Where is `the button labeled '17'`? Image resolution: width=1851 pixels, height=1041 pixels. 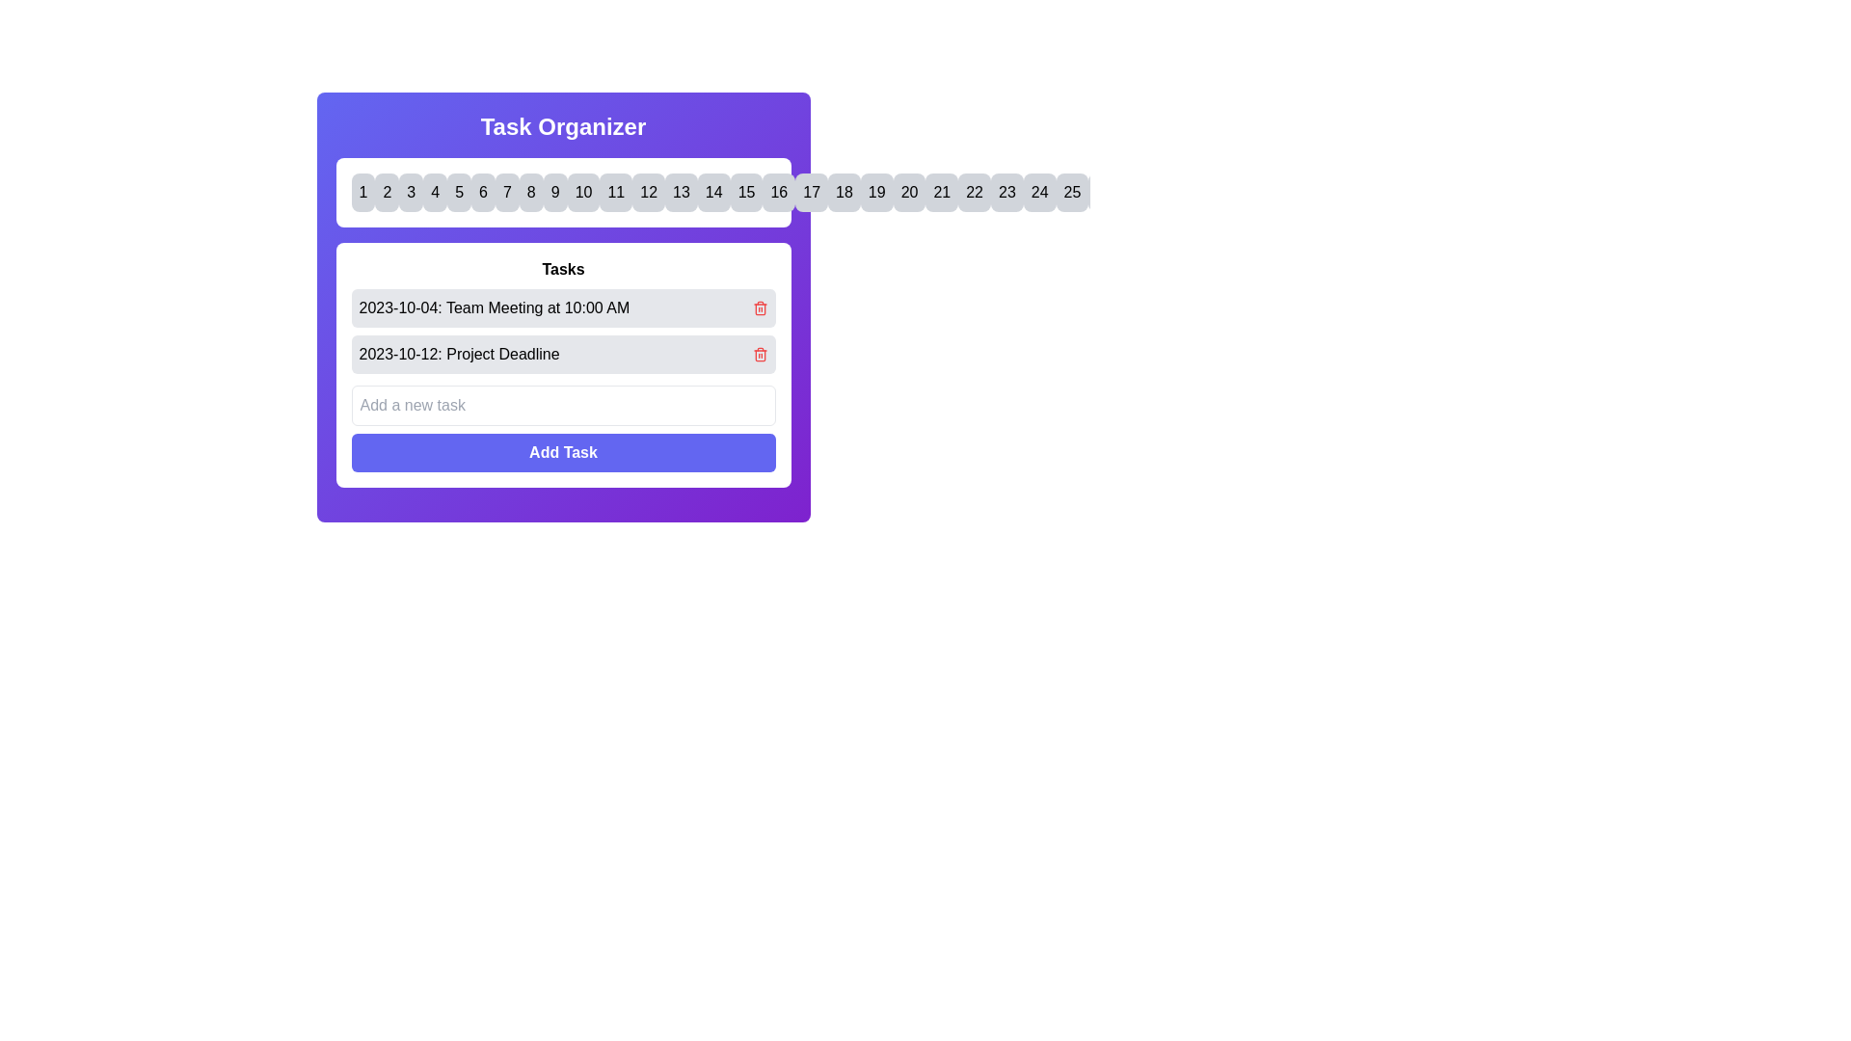
the button labeled '17' is located at coordinates (812, 193).